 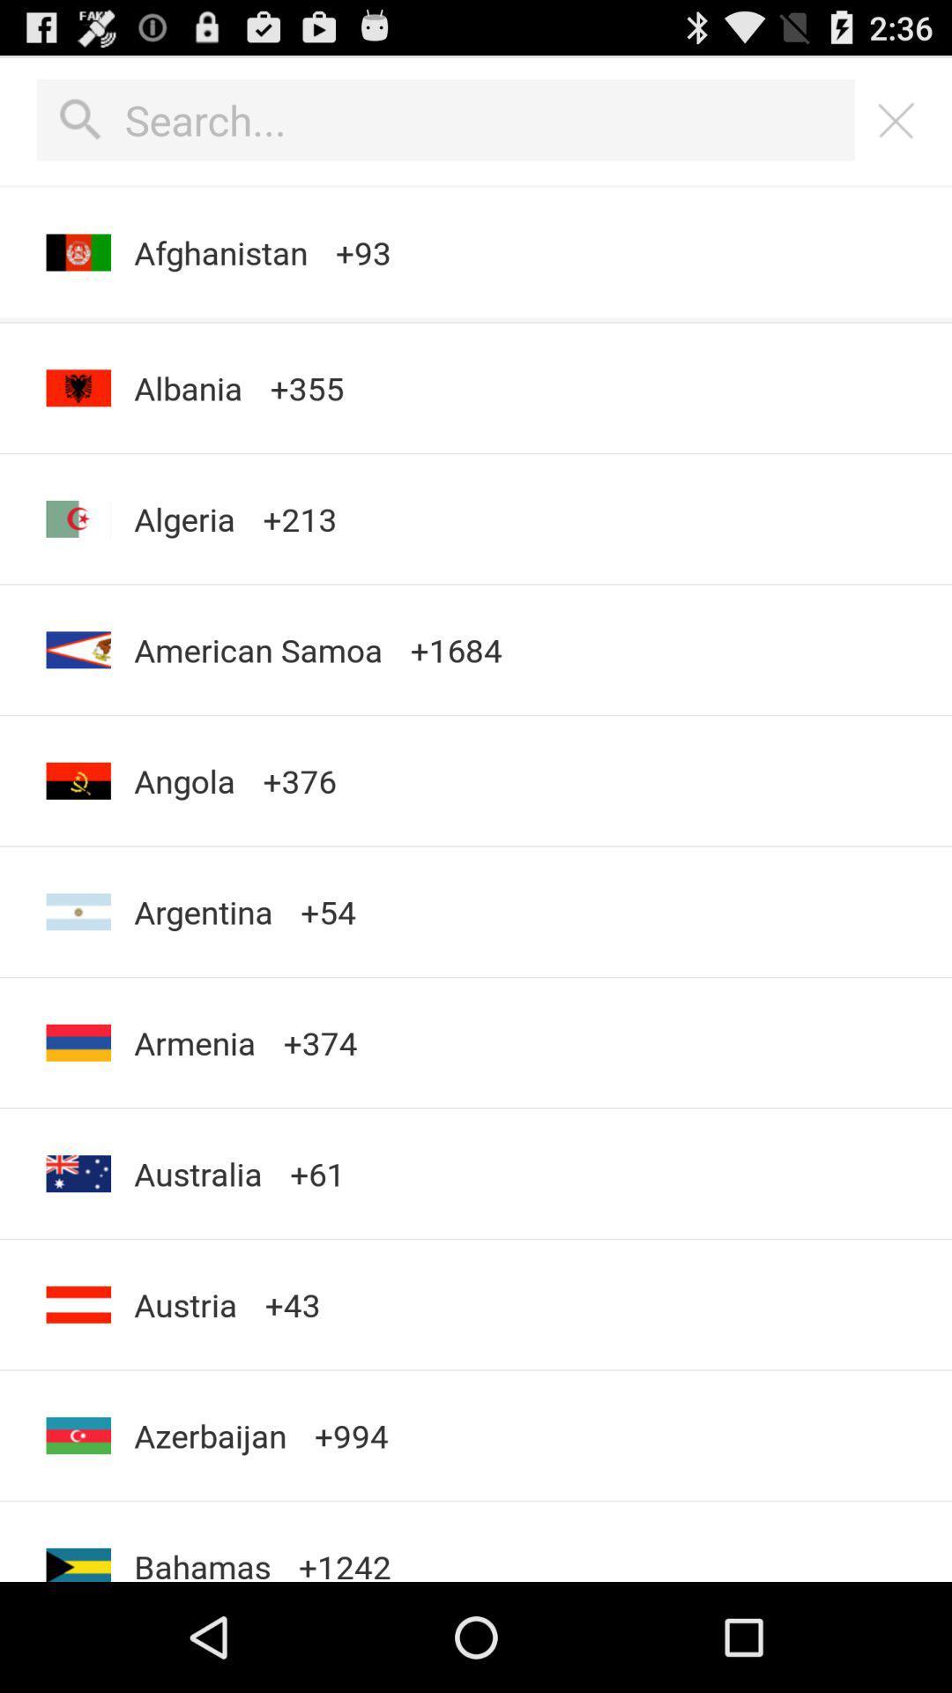 What do you see at coordinates (306, 387) in the screenshot?
I see `+355 item` at bounding box center [306, 387].